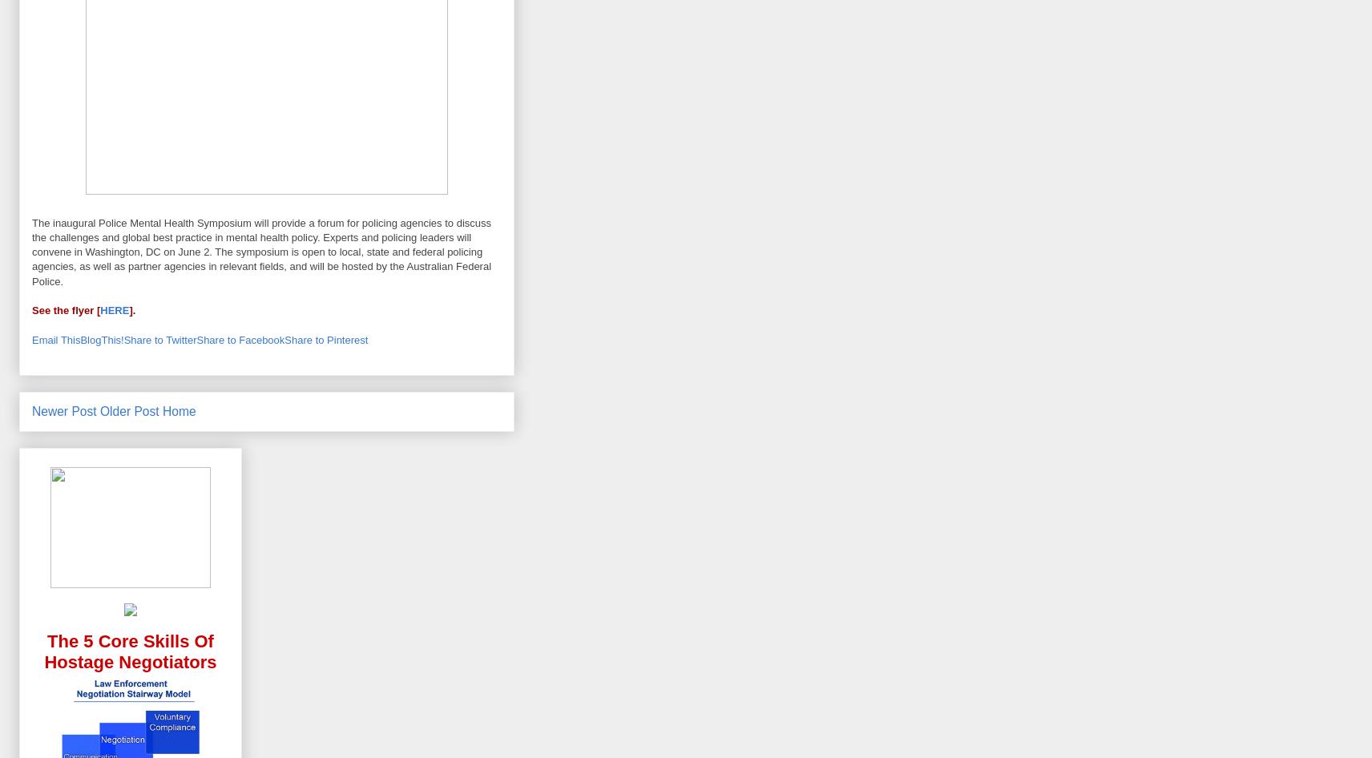 The height and width of the screenshot is (758, 1372). Describe the element at coordinates (113, 310) in the screenshot. I see `'HERE'` at that location.